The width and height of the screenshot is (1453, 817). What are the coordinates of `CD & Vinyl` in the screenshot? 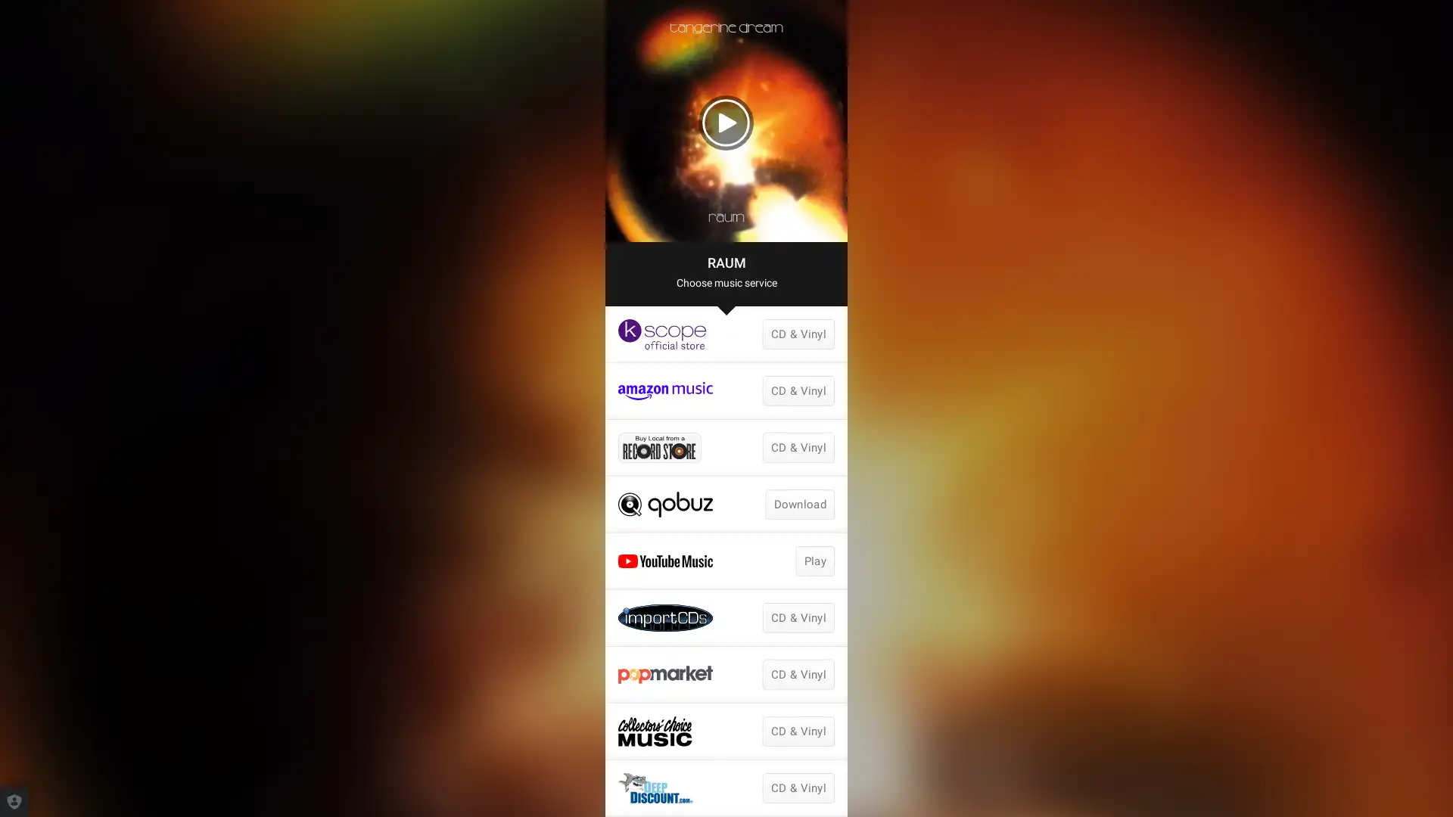 It's located at (798, 673).